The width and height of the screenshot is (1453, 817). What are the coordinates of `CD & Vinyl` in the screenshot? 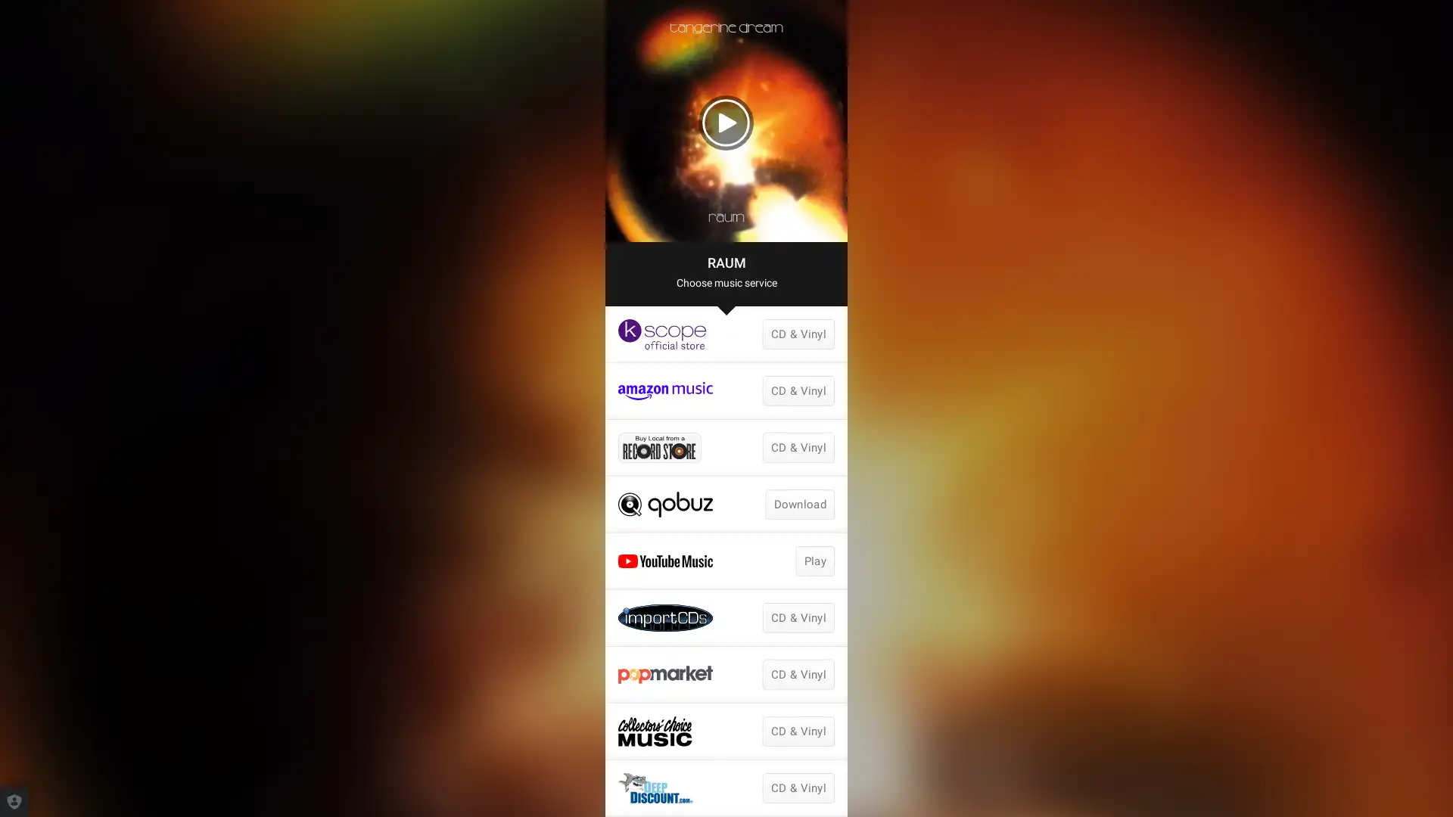 It's located at (798, 673).